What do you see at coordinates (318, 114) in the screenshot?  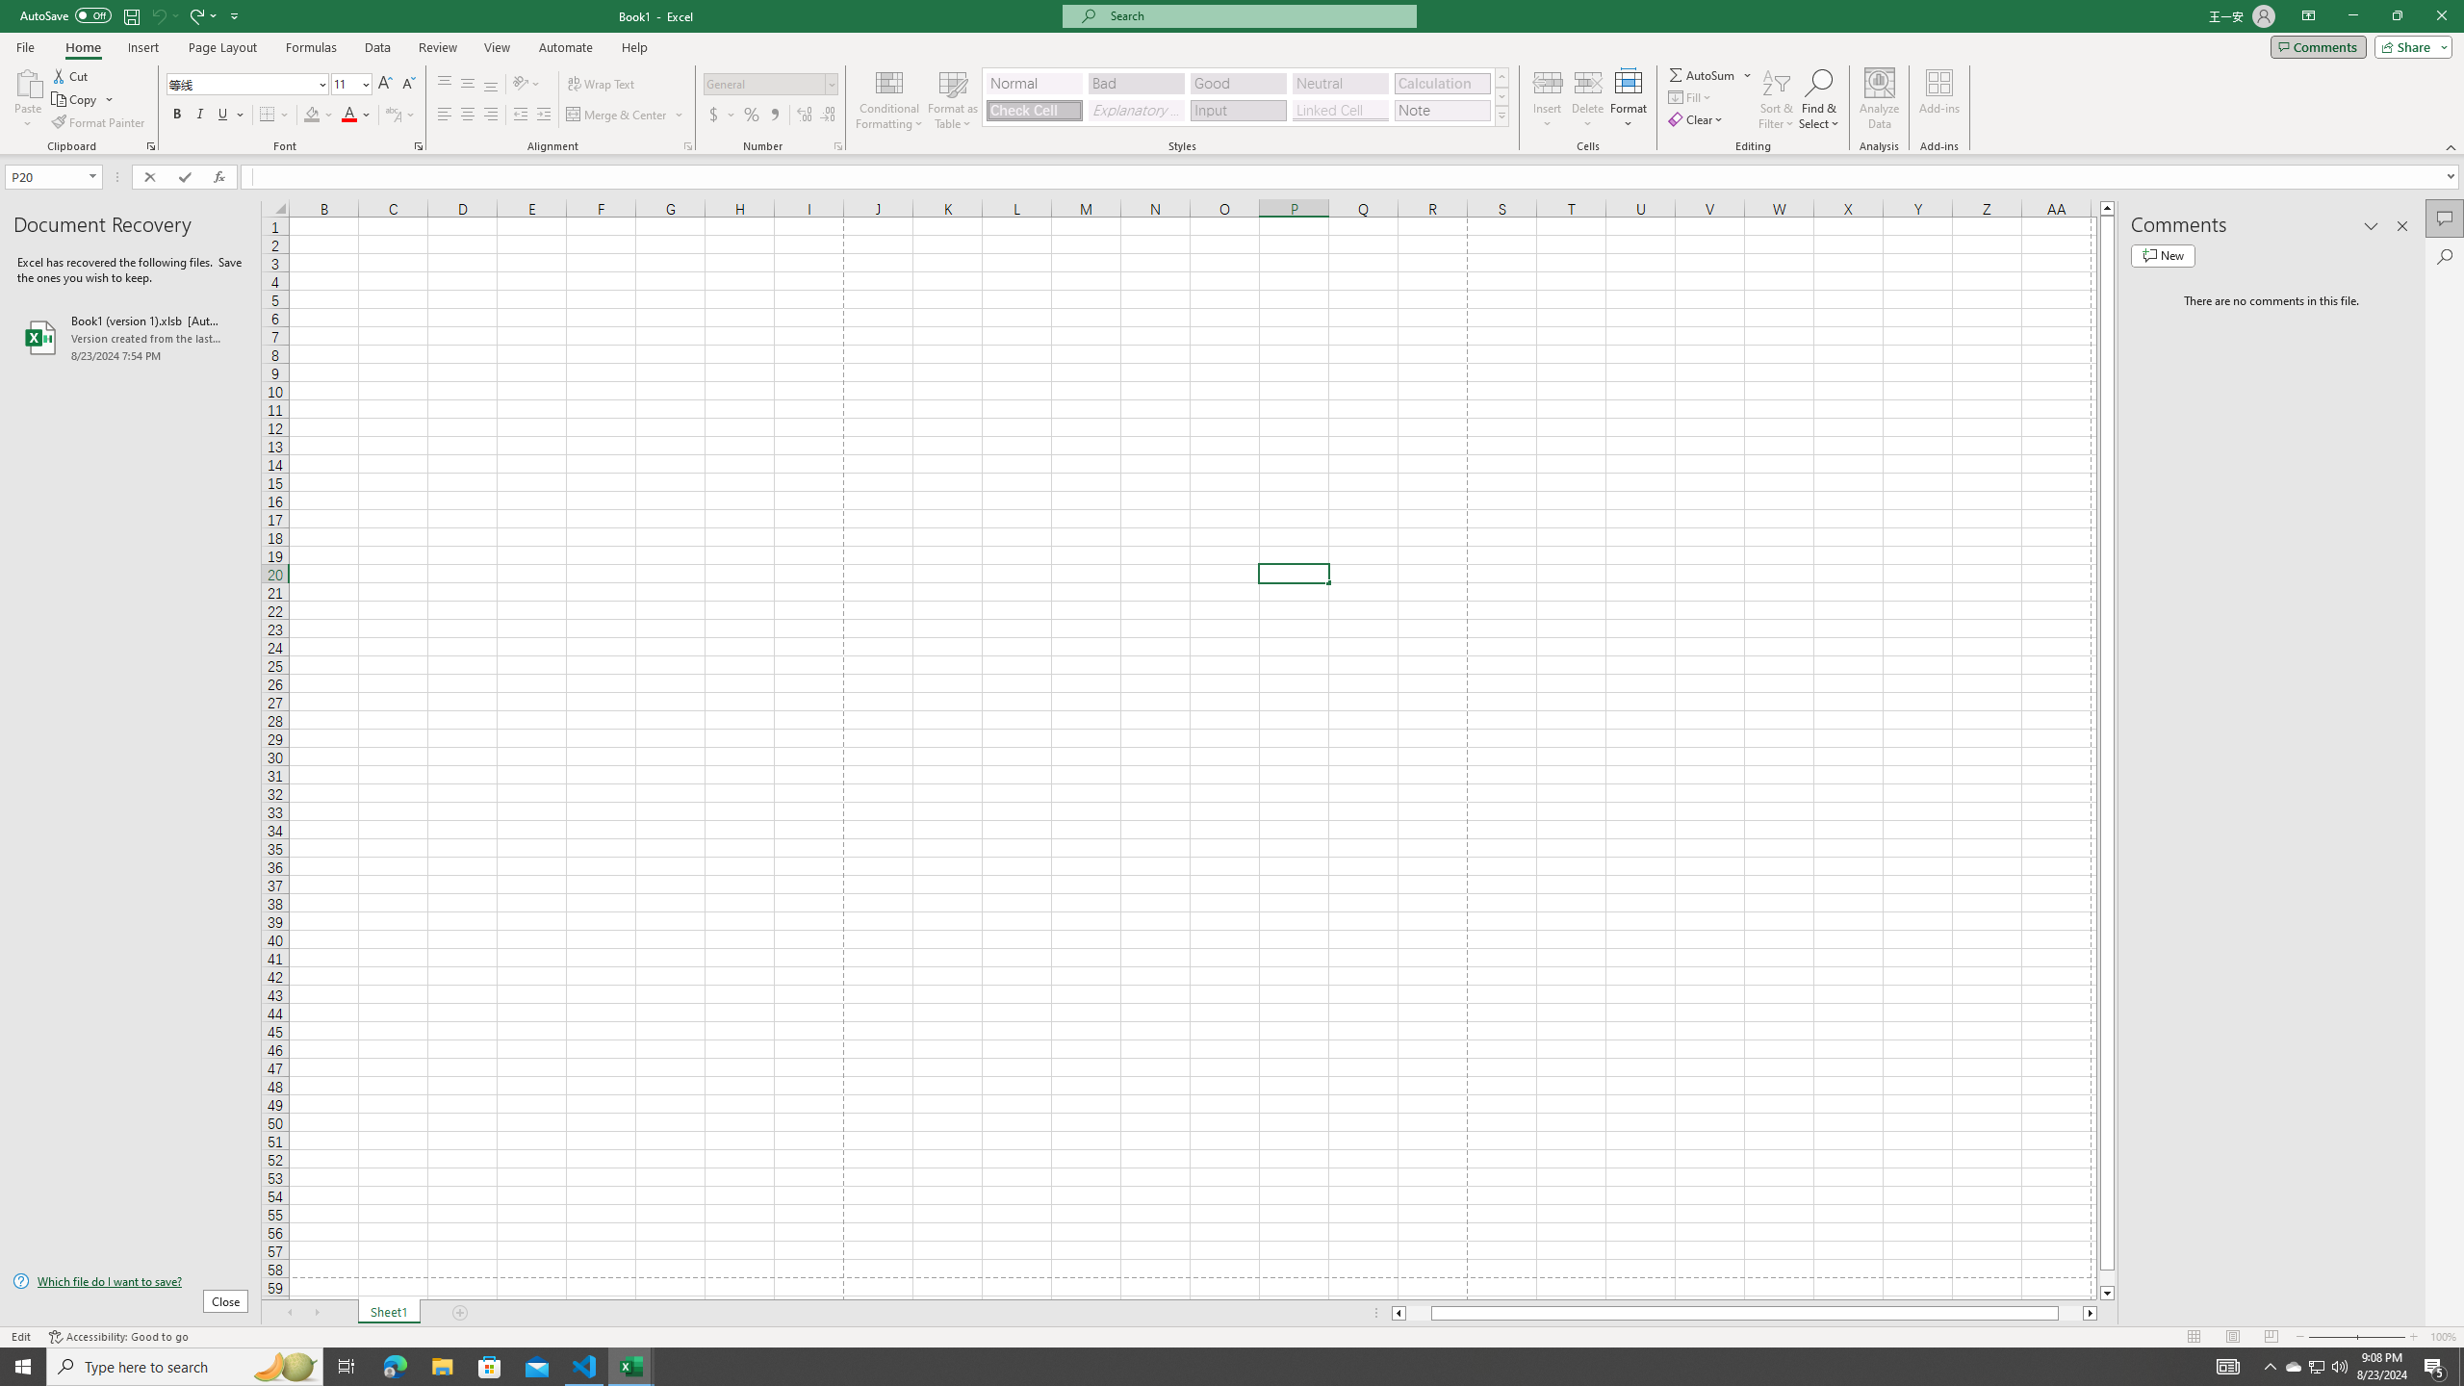 I see `'Fill Color'` at bounding box center [318, 114].